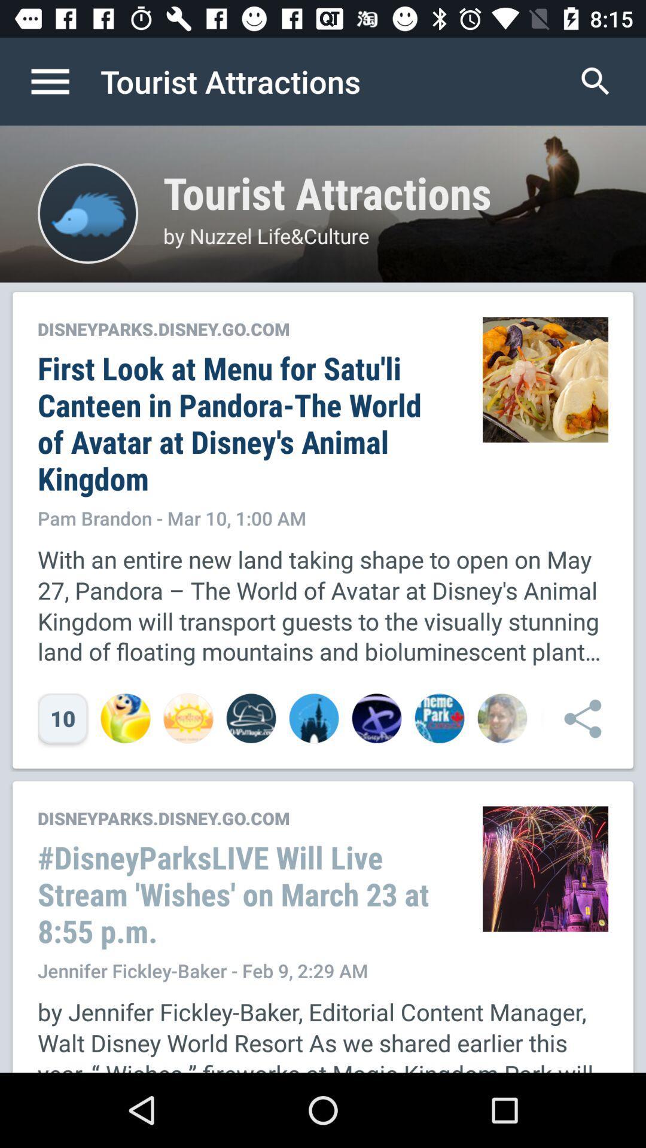 This screenshot has height=1148, width=646. Describe the element at coordinates (576, 717) in the screenshot. I see `item below the with an entire icon` at that location.